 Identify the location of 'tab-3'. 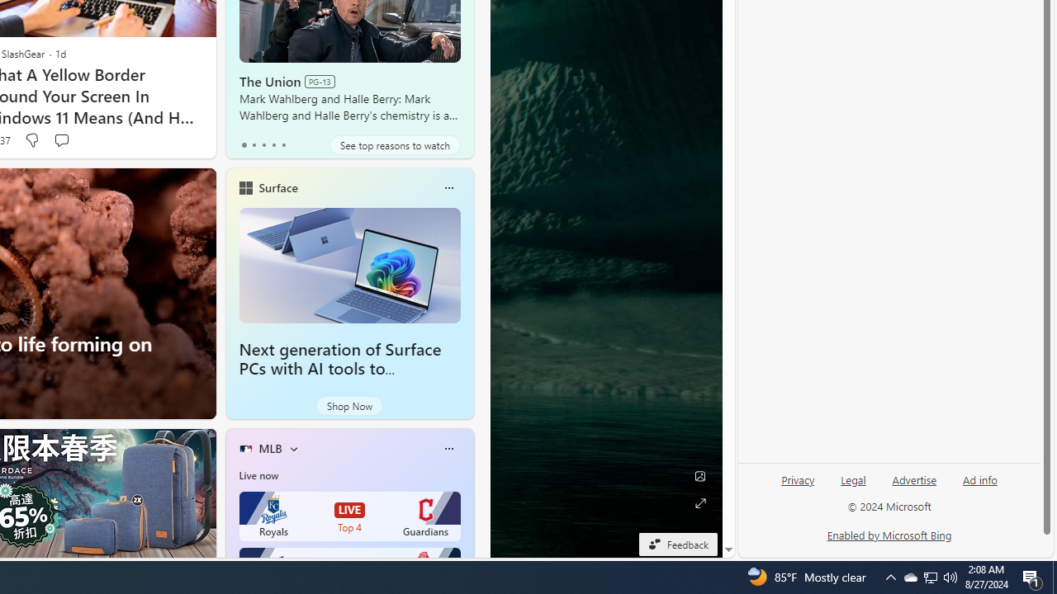
(273, 144).